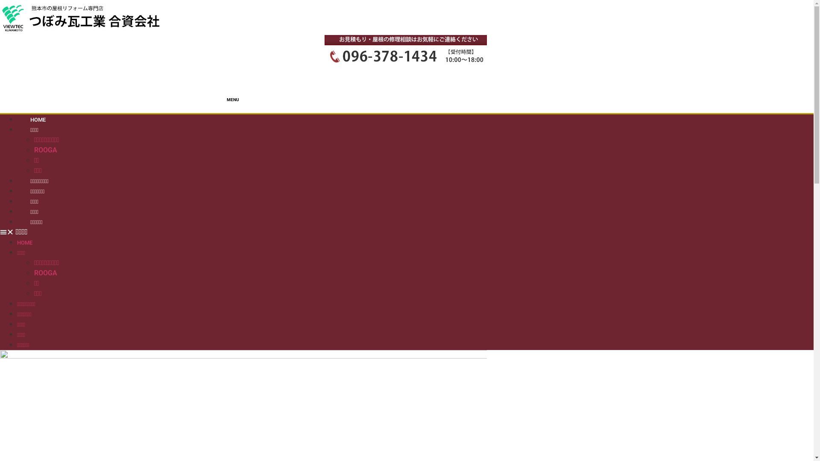  Describe the element at coordinates (45, 149) in the screenshot. I see `'ROOGA'` at that location.